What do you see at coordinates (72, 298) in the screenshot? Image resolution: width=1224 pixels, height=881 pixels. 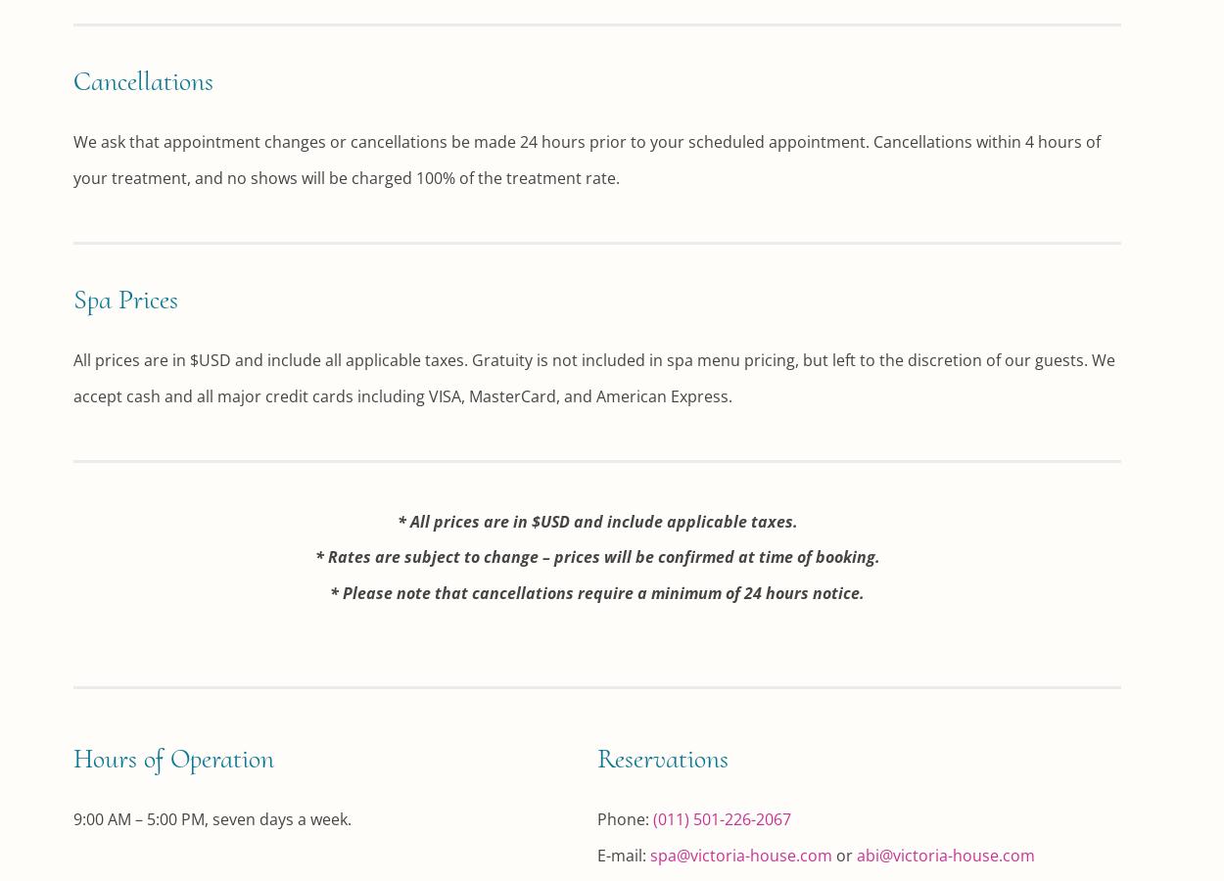 I see `'Spa Prices'` at bounding box center [72, 298].